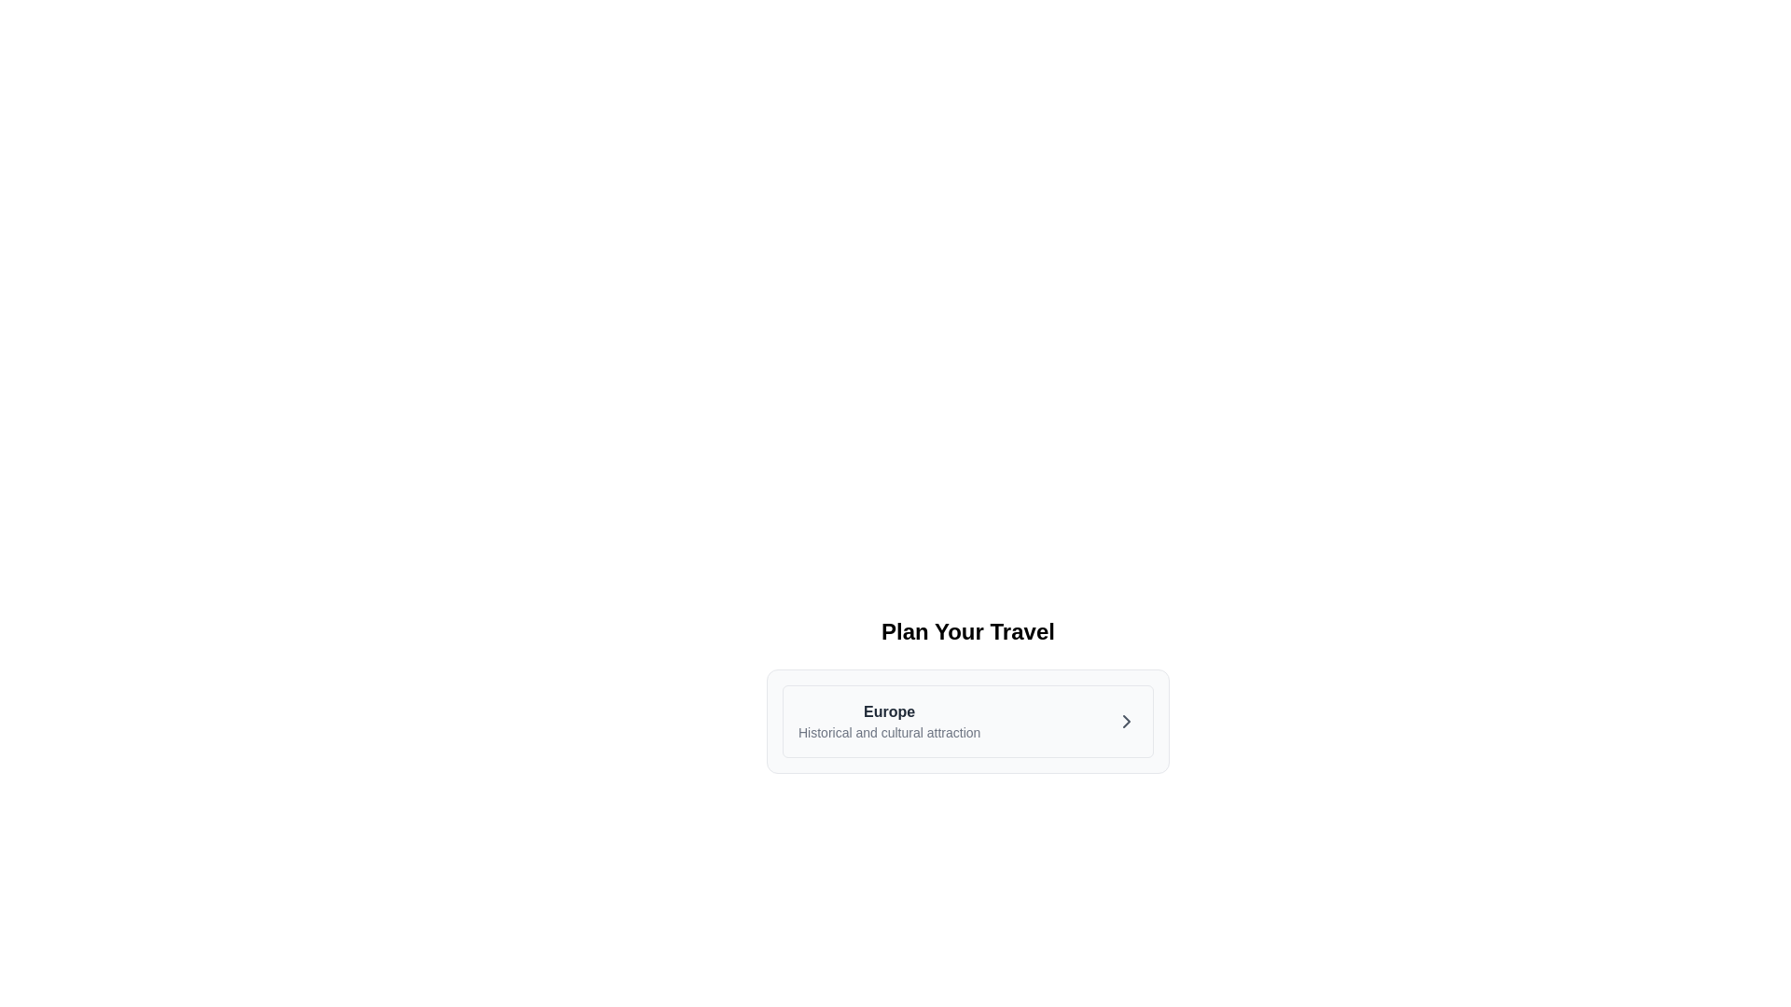 Image resolution: width=1791 pixels, height=1007 pixels. Describe the element at coordinates (1126, 721) in the screenshot. I see `the chevron icon located at the far-right end of the section containing the text 'Europe'` at that location.